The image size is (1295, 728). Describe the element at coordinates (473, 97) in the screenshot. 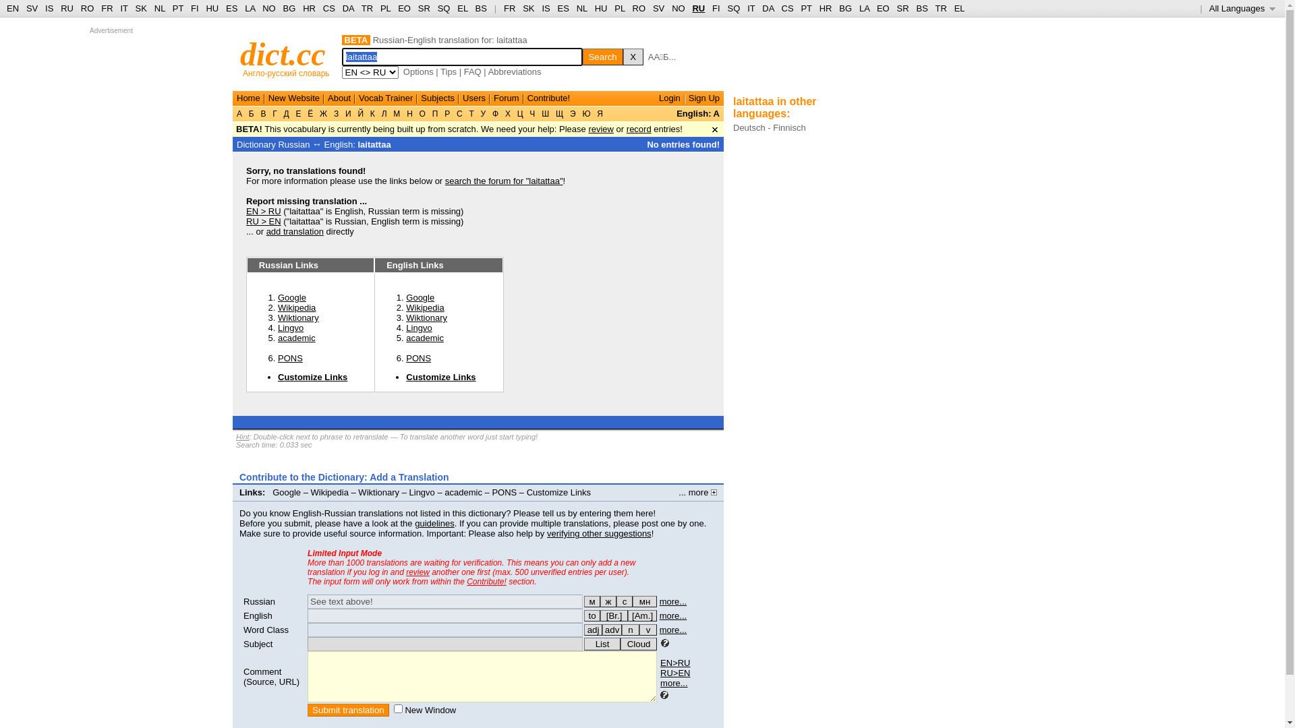

I see `'Users'` at that location.